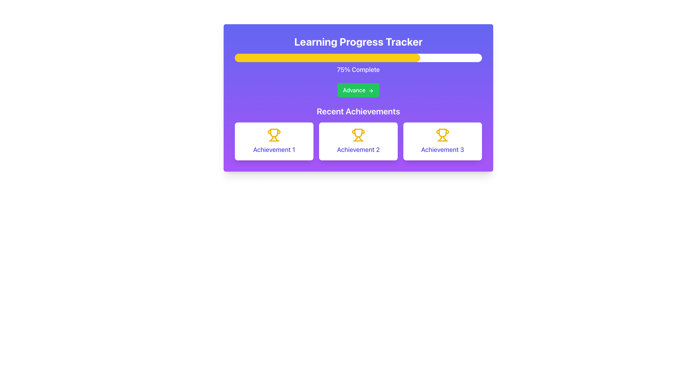 The width and height of the screenshot is (674, 379). I want to click on the navigation button located below the '75% Complete' progress indicator to proceed to the next step in the onboarding process, so click(358, 90).